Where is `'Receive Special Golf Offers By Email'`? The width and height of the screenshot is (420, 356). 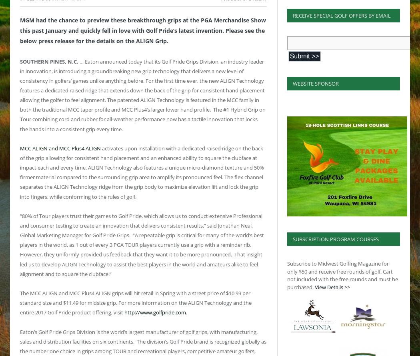 'Receive Special Golf Offers By Email' is located at coordinates (341, 15).